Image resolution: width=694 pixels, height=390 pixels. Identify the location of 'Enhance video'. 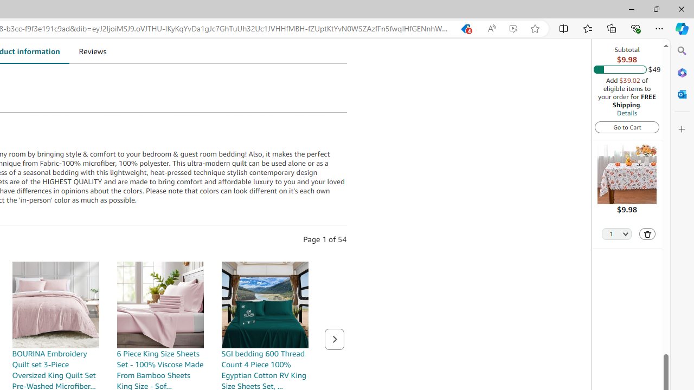
(512, 28).